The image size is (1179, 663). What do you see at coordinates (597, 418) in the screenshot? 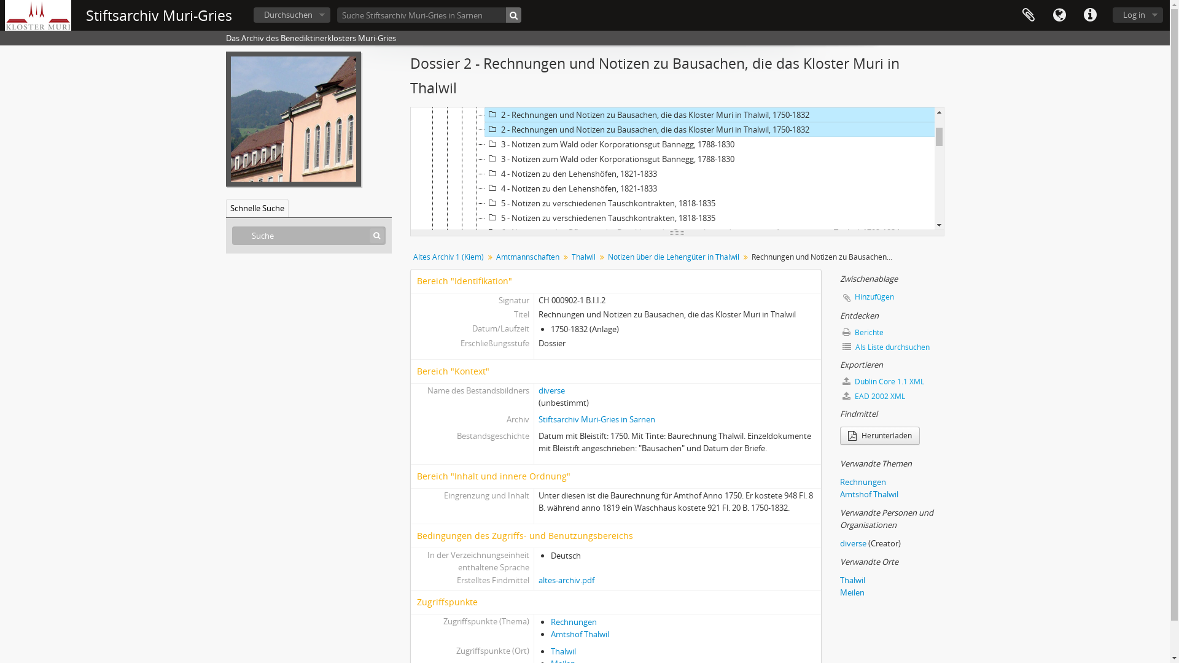
I see `'Stiftsarchiv Muri-Gries in Sarnen'` at bounding box center [597, 418].